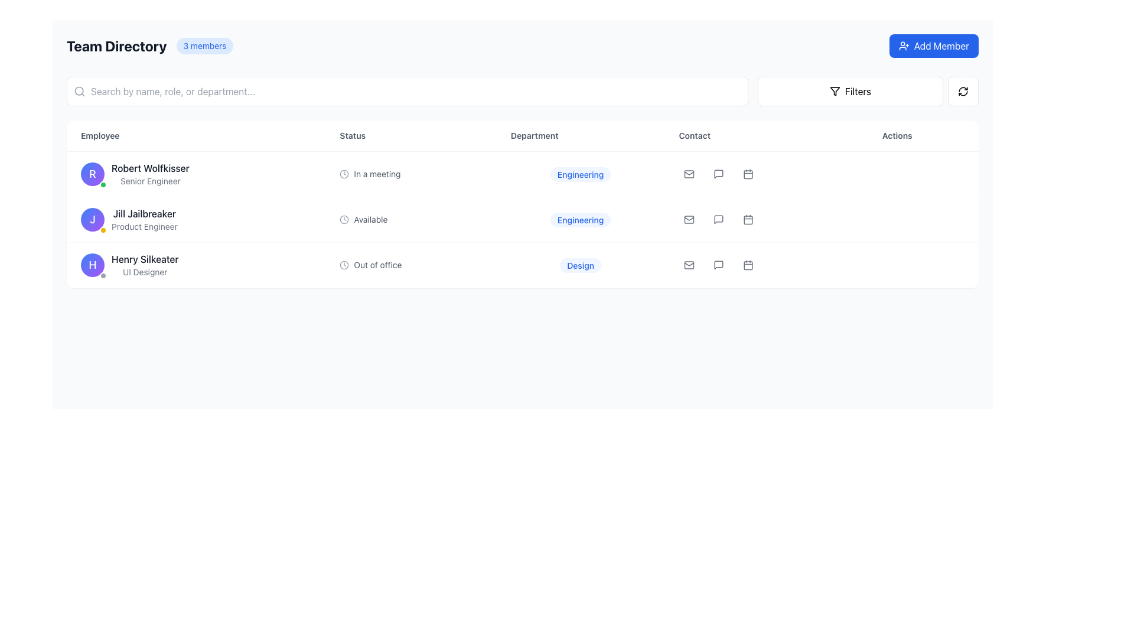  What do you see at coordinates (149, 181) in the screenshot?
I see `the static text label that provides a functional description for 'Robert Wolfkisser', located directly below their name in the Team Directory table` at bounding box center [149, 181].